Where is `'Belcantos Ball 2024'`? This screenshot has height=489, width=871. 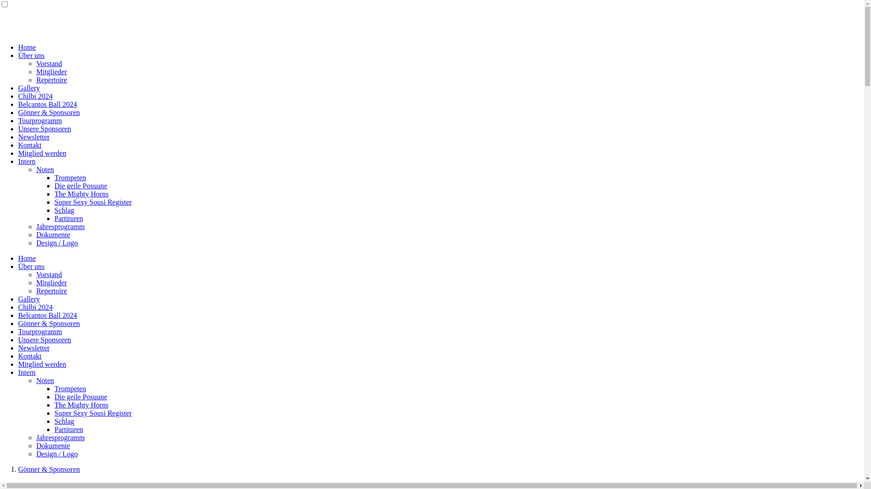 'Belcantos Ball 2024' is located at coordinates (47, 315).